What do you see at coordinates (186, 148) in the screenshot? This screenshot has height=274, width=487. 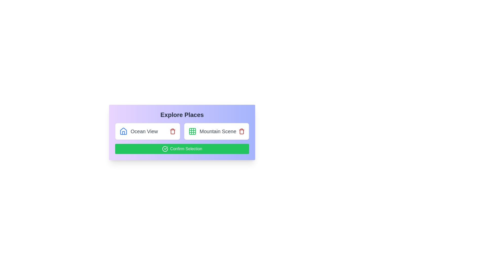 I see `the 'Confirm Selection' static text displayed in bold white font on a green background, which is centrally aligned within a rectangular button at the bottom of the interface` at bounding box center [186, 148].